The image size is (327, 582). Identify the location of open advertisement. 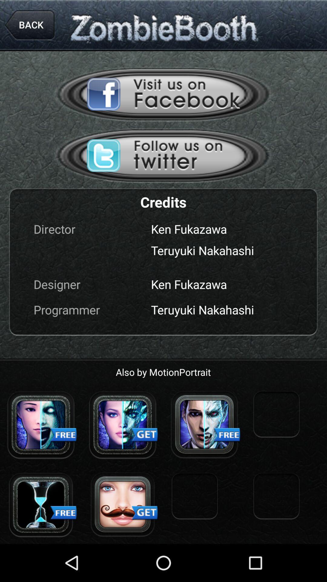
(41, 424).